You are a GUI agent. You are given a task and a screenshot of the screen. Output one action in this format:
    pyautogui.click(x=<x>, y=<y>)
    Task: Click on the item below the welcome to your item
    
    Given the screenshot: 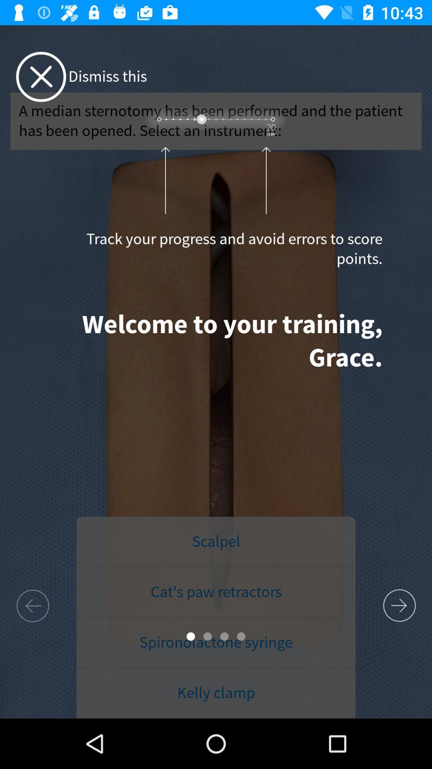 What is the action you would take?
    pyautogui.click(x=216, y=542)
    